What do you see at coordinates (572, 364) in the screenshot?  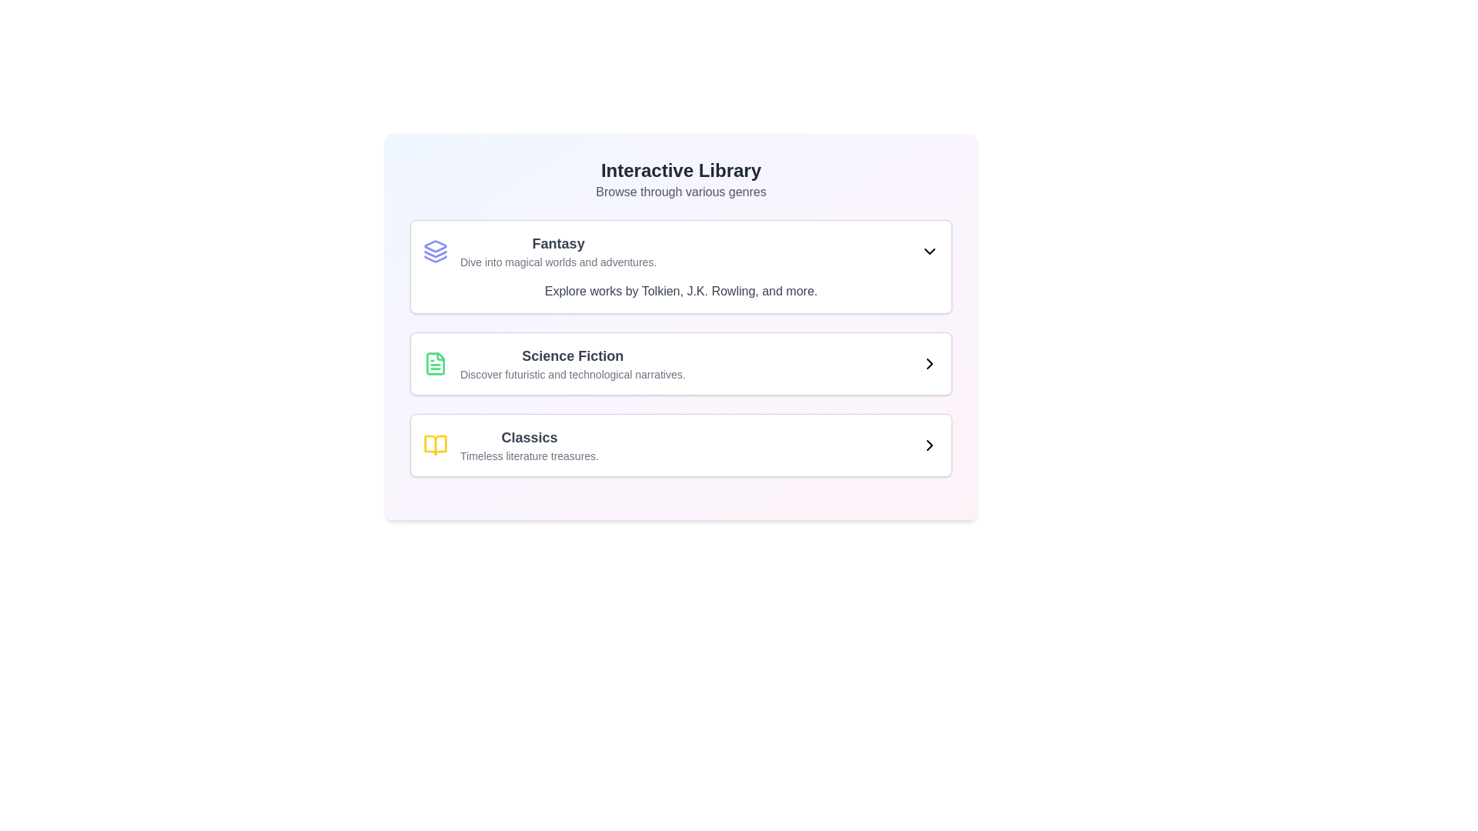 I see `the 'Science Fiction' category text element, which is the second item in the list of navigational options` at bounding box center [572, 364].